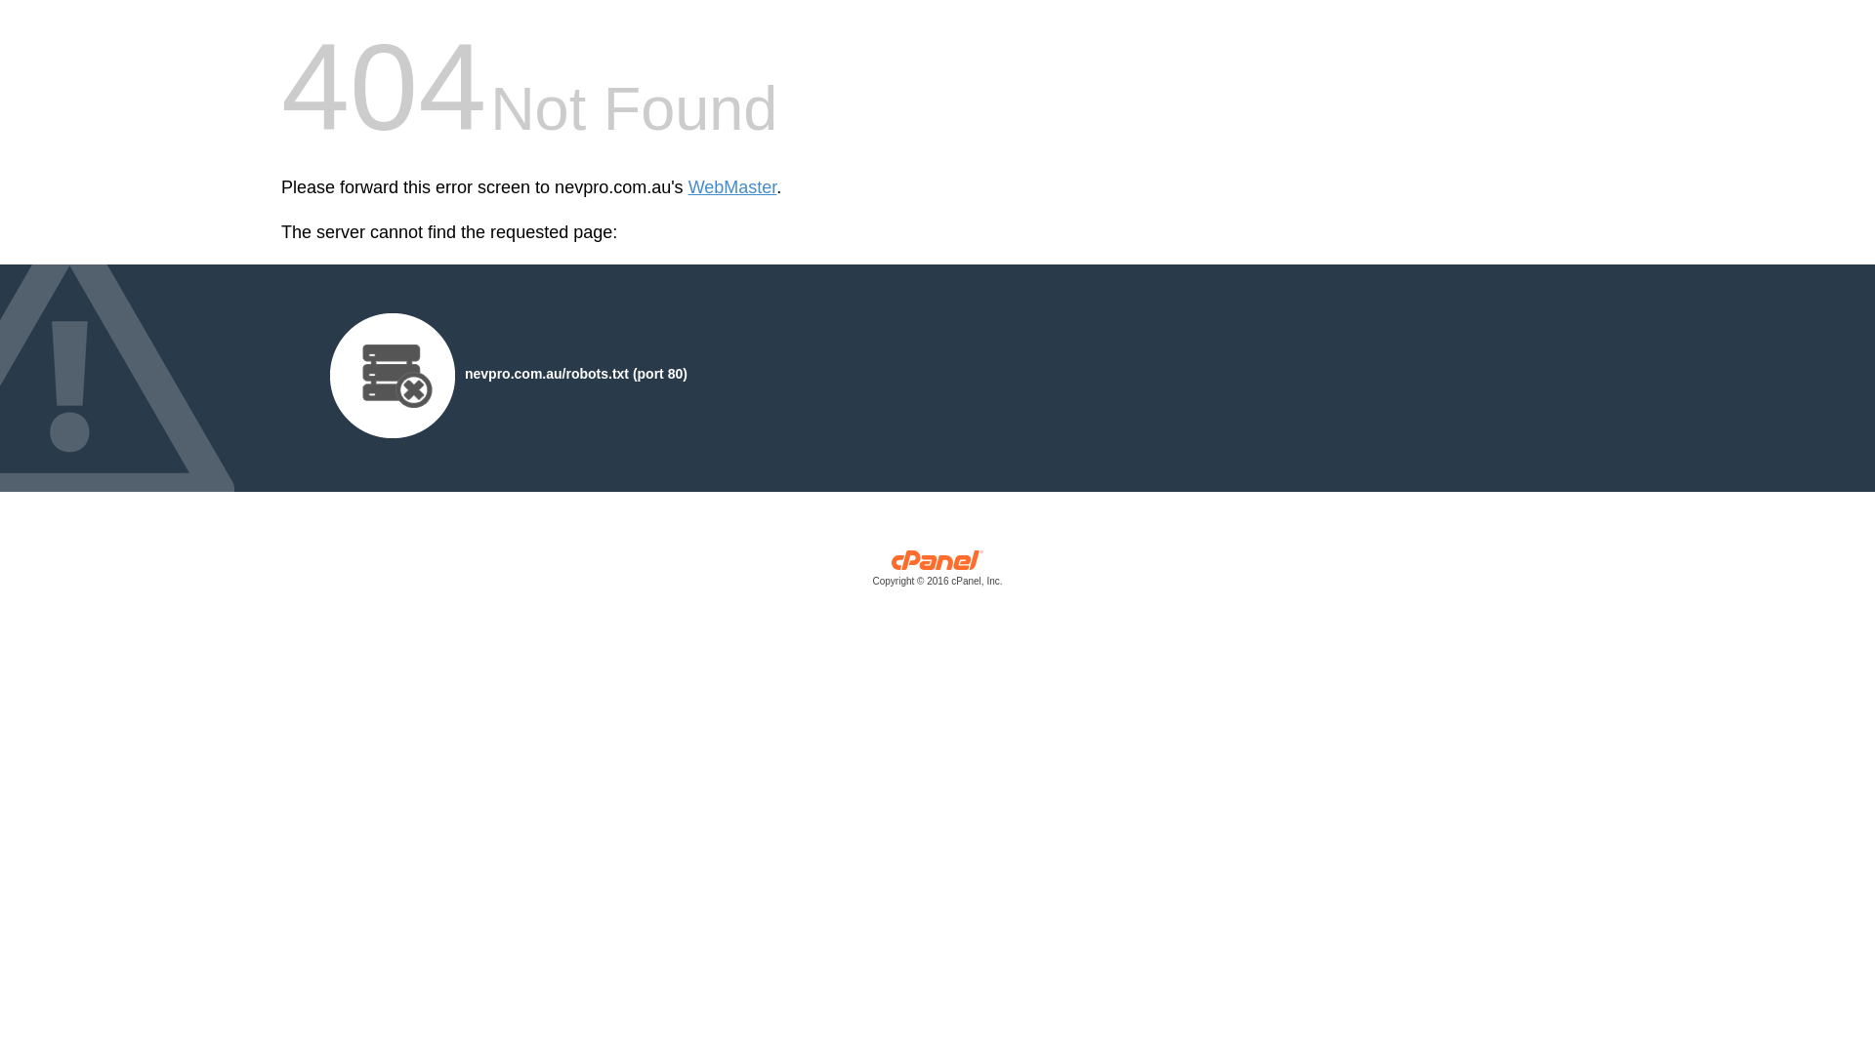 The width and height of the screenshot is (1875, 1054). Describe the element at coordinates (731, 187) in the screenshot. I see `'WebMaster'` at that location.